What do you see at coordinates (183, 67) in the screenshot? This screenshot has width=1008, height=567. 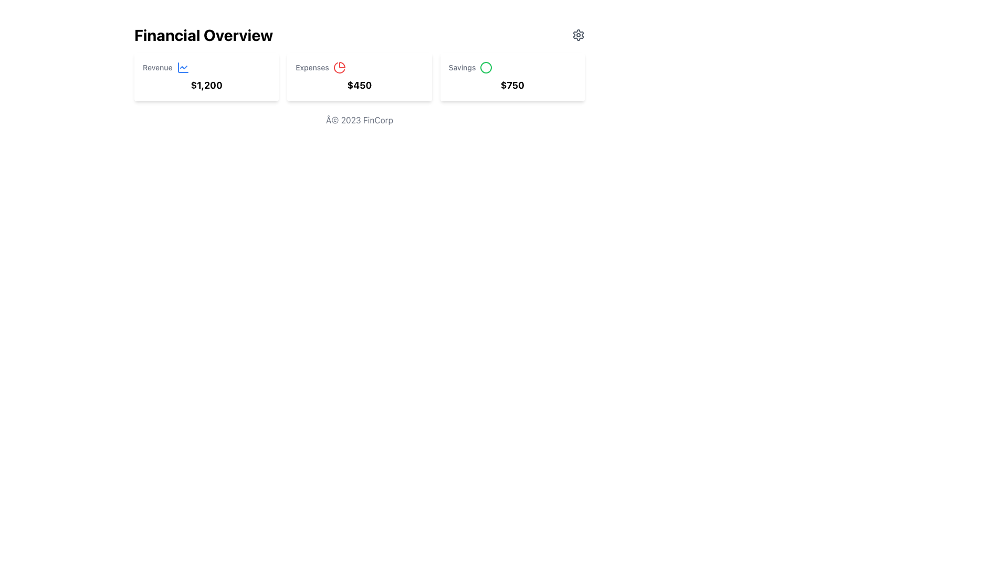 I see `the small blue icon resembling a line chart located to the left of the '$1,200' numerical display in the financial overview card labeled 'Revenue'` at bounding box center [183, 67].